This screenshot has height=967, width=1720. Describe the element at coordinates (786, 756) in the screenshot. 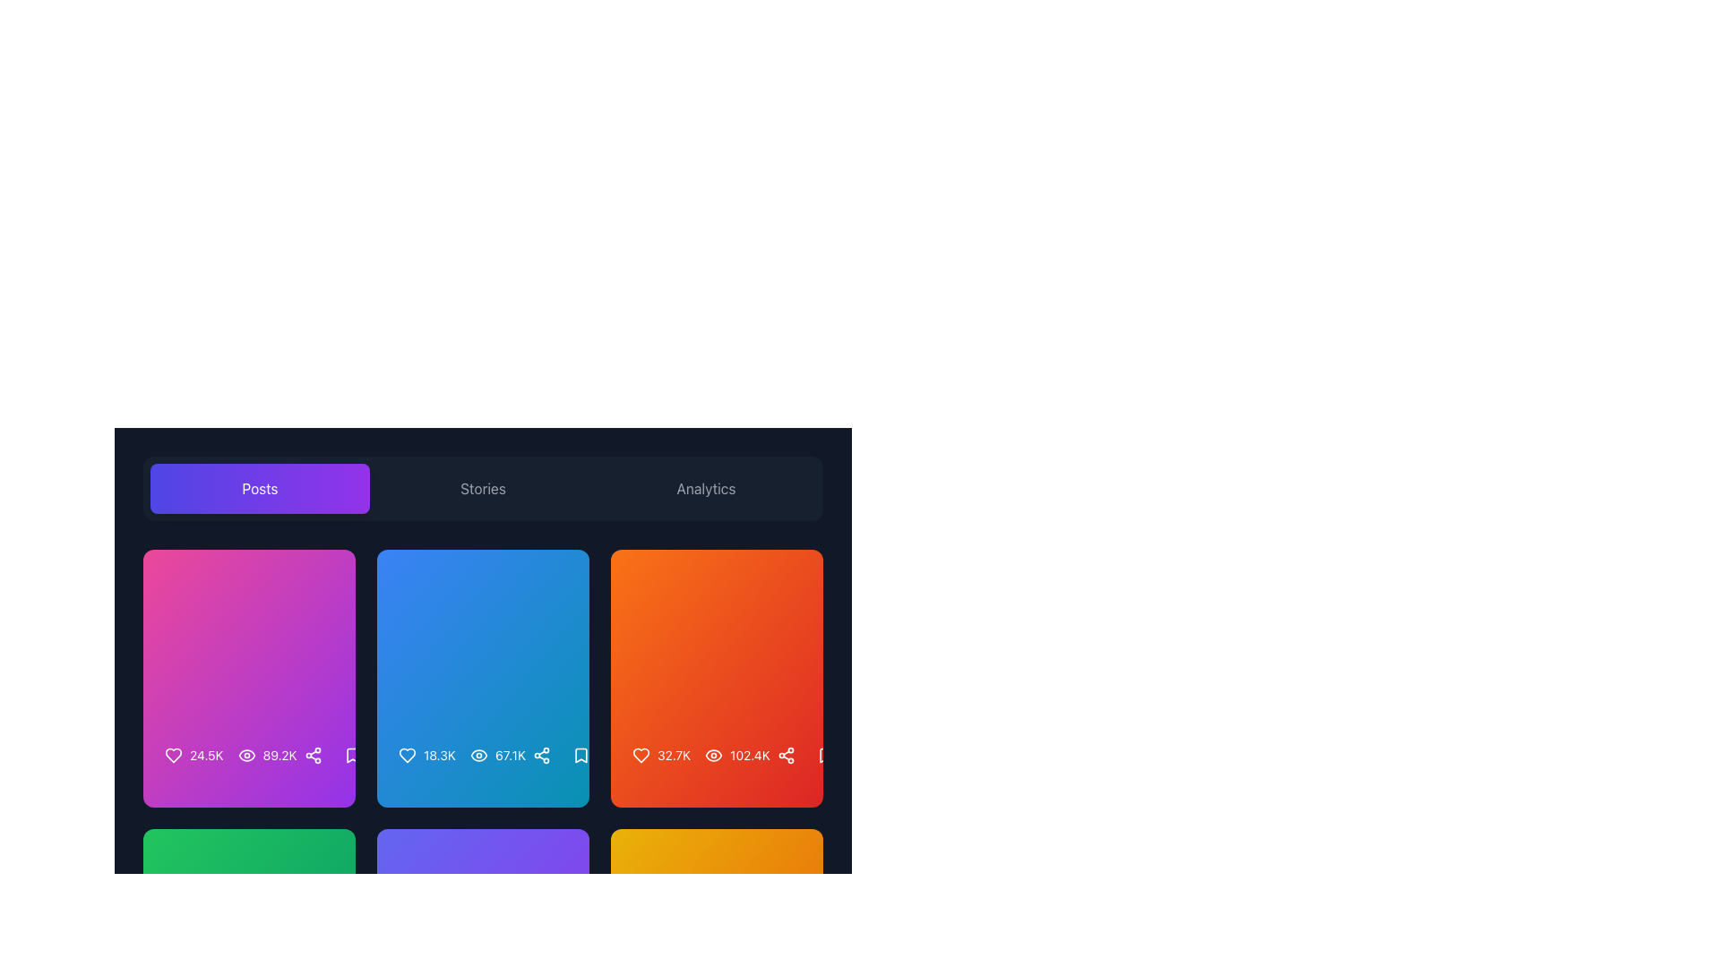

I see `the share icon, which is a white icon composed of three small circles connected by two lines, located in the bottom right corner of the orange card on the second row, adjacent to heart, eye, and bookmark icons` at that location.